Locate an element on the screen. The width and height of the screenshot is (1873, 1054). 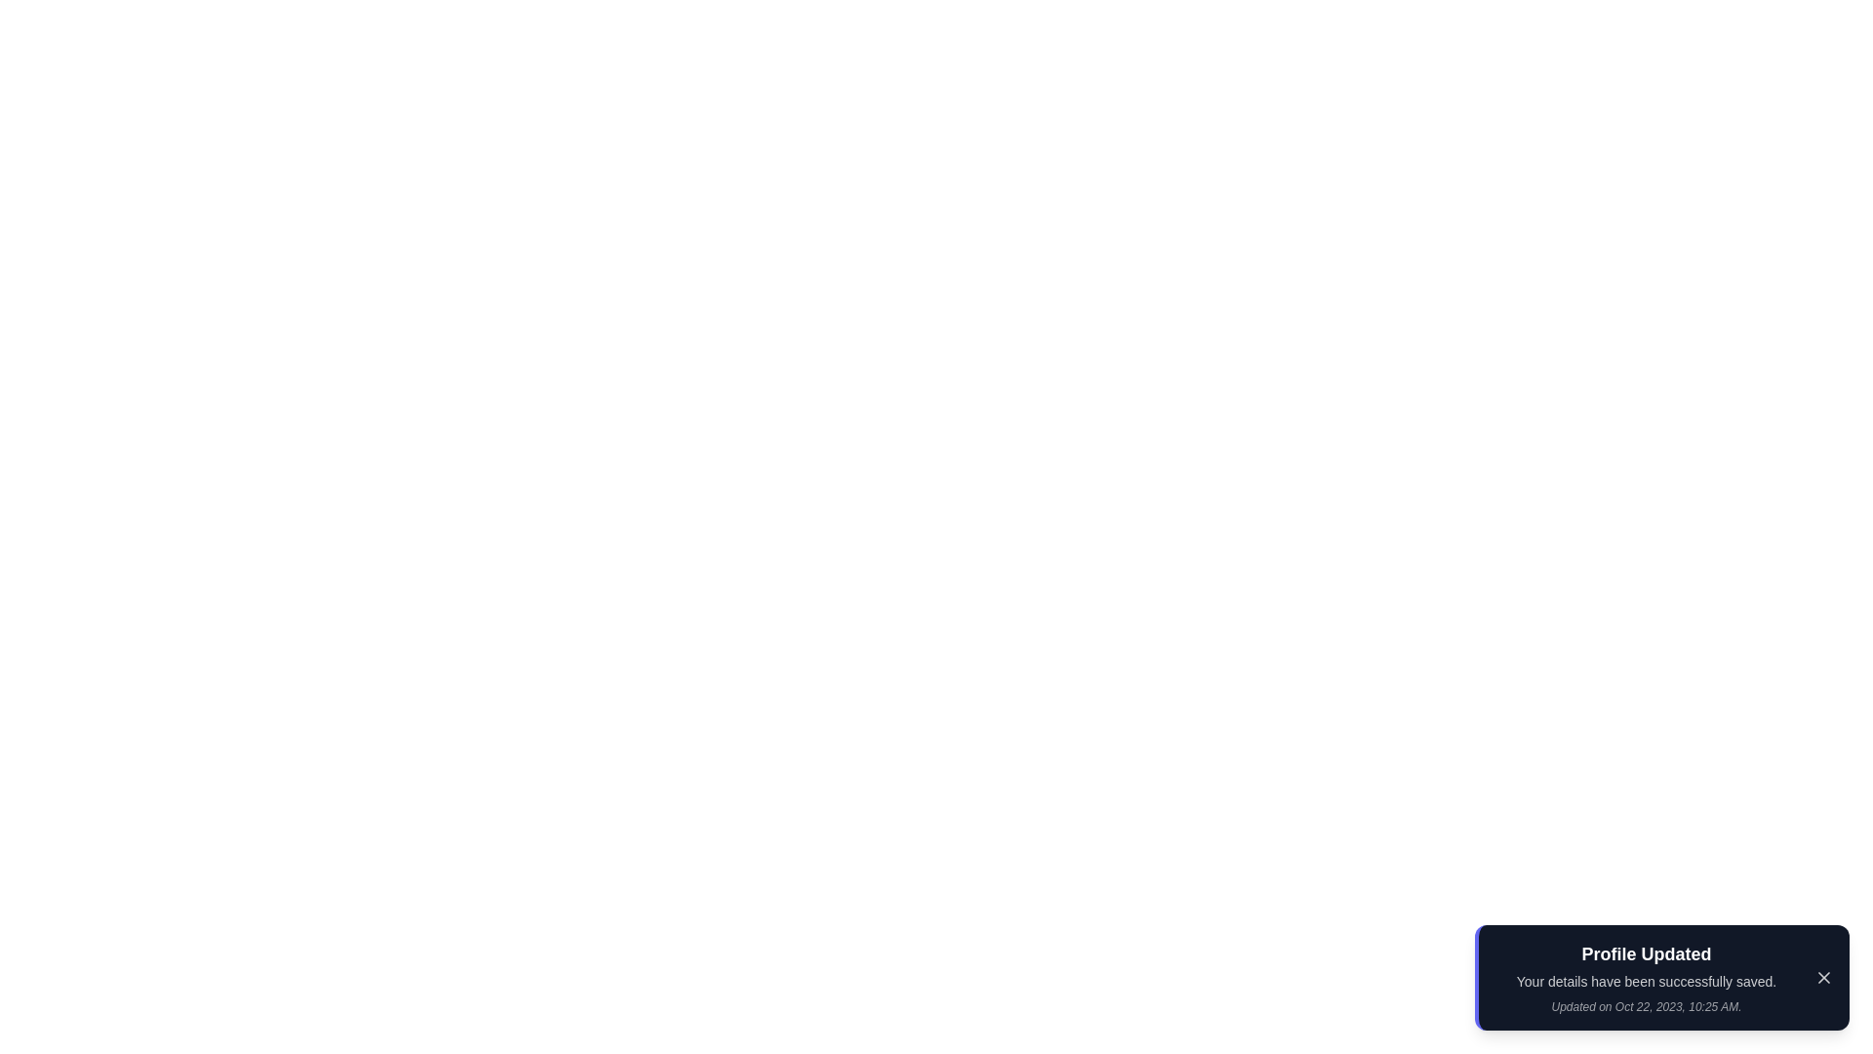
the close button to dismiss the notification is located at coordinates (1823, 978).